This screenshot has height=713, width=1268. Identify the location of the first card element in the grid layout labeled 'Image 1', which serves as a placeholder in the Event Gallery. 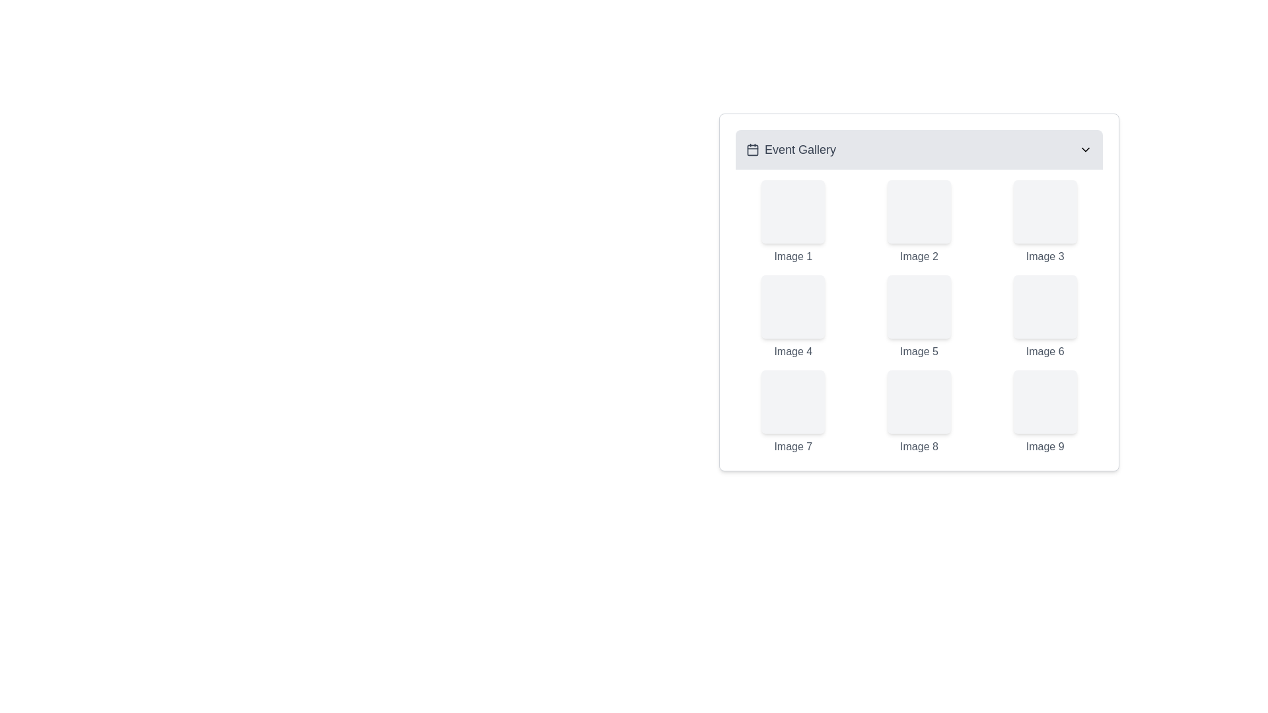
(792, 221).